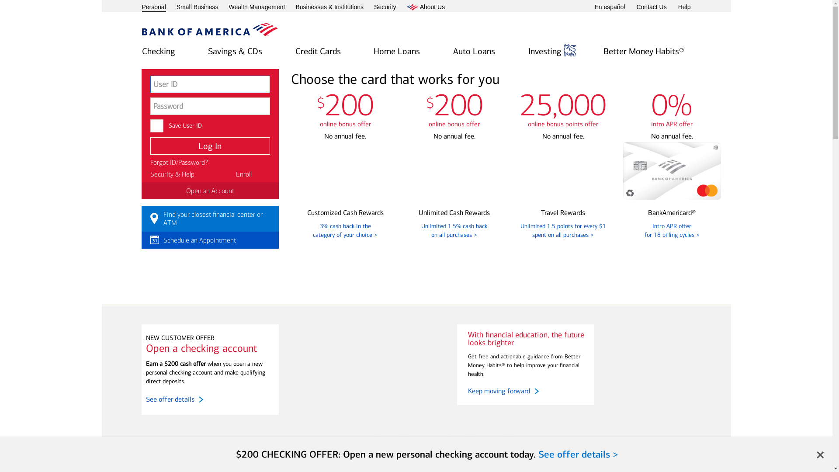 The height and width of the screenshot is (472, 839). What do you see at coordinates (453, 52) in the screenshot?
I see `'Open` at bounding box center [453, 52].